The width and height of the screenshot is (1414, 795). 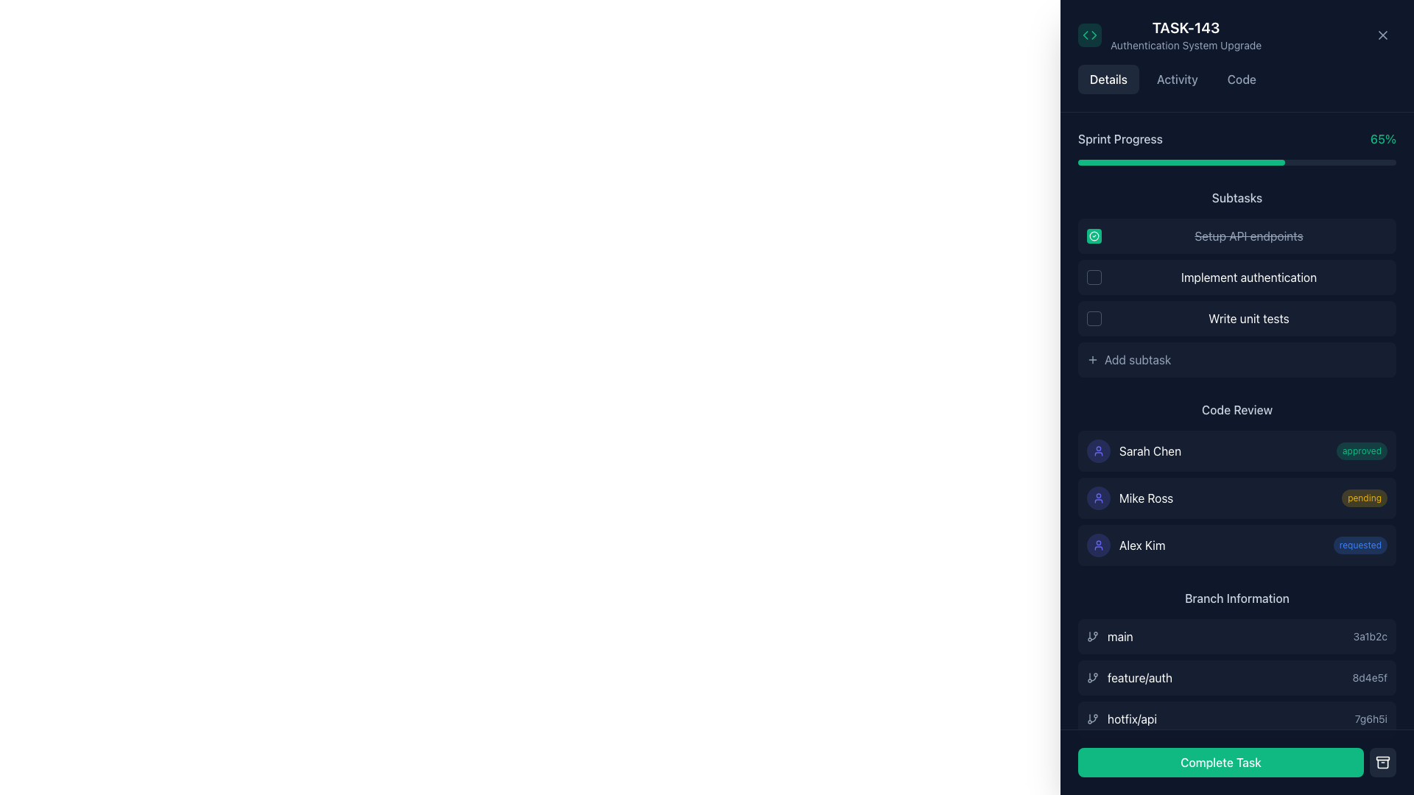 I want to click on the git branch icon located, so click(x=1092, y=635).